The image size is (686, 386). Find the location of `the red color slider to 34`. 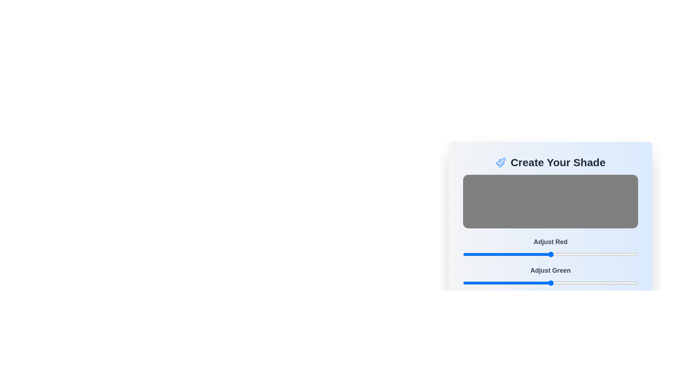

the red color slider to 34 is located at coordinates (486, 254).